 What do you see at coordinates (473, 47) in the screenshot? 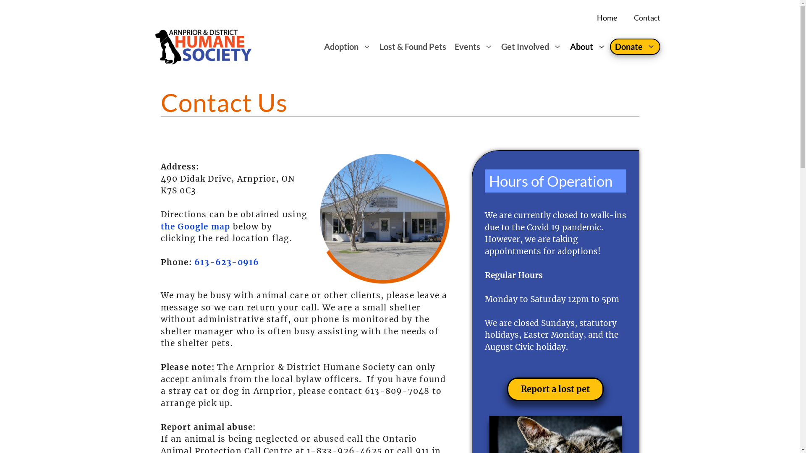
I see `'Events'` at bounding box center [473, 47].